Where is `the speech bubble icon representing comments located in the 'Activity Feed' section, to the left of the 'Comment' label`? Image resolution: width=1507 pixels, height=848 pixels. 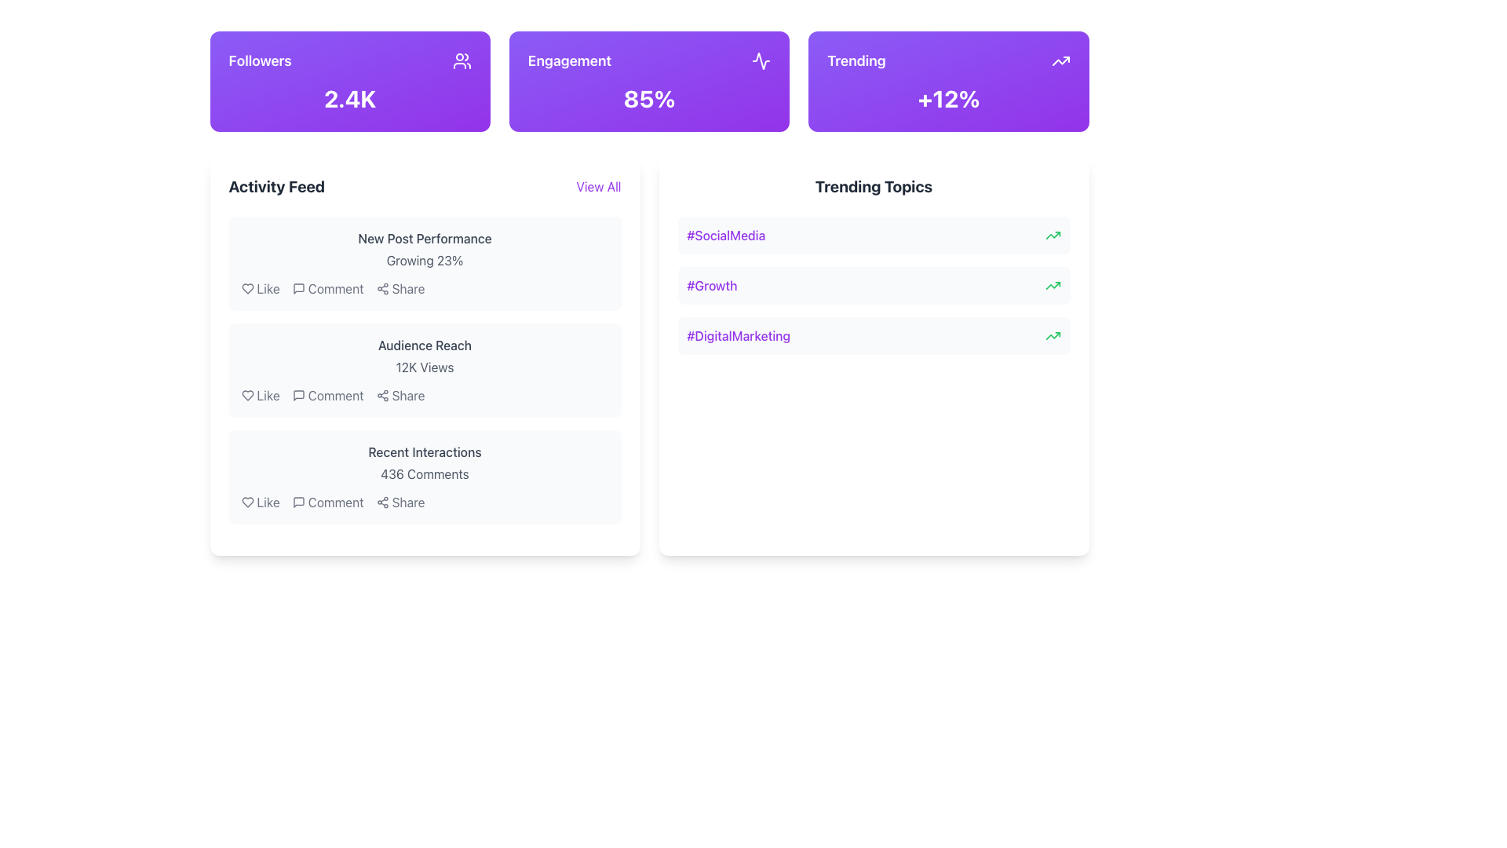 the speech bubble icon representing comments located in the 'Activity Feed' section, to the left of the 'Comment' label is located at coordinates (298, 288).